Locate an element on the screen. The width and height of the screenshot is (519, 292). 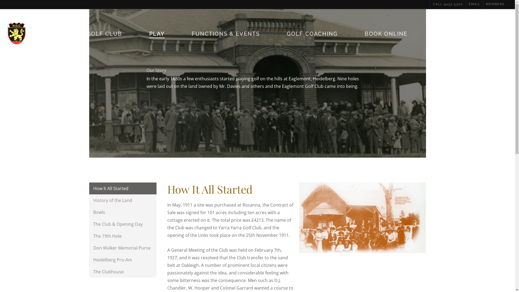
'FUNCTIONS & EVENTS' is located at coordinates (192, 33).